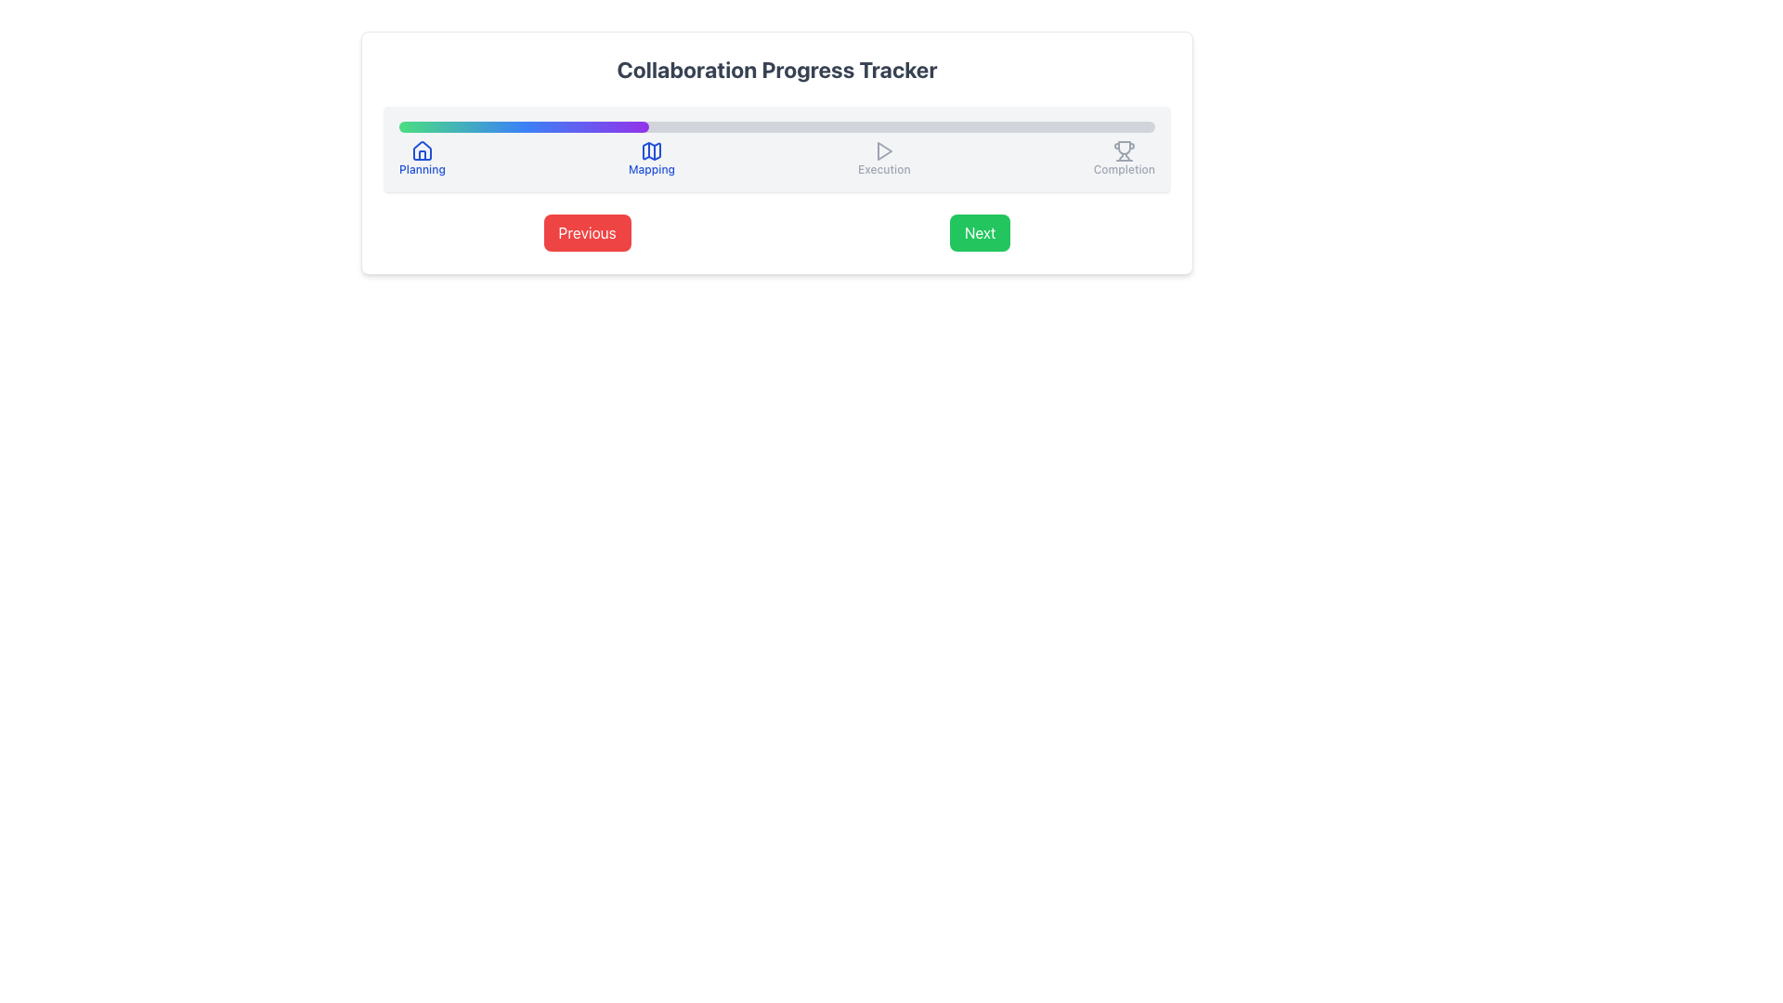 Image resolution: width=1783 pixels, height=1003 pixels. What do you see at coordinates (884, 150) in the screenshot?
I see `the central portion of the play button icon in the 'Execution' step of the progress tracker, indicating its interactive nature` at bounding box center [884, 150].